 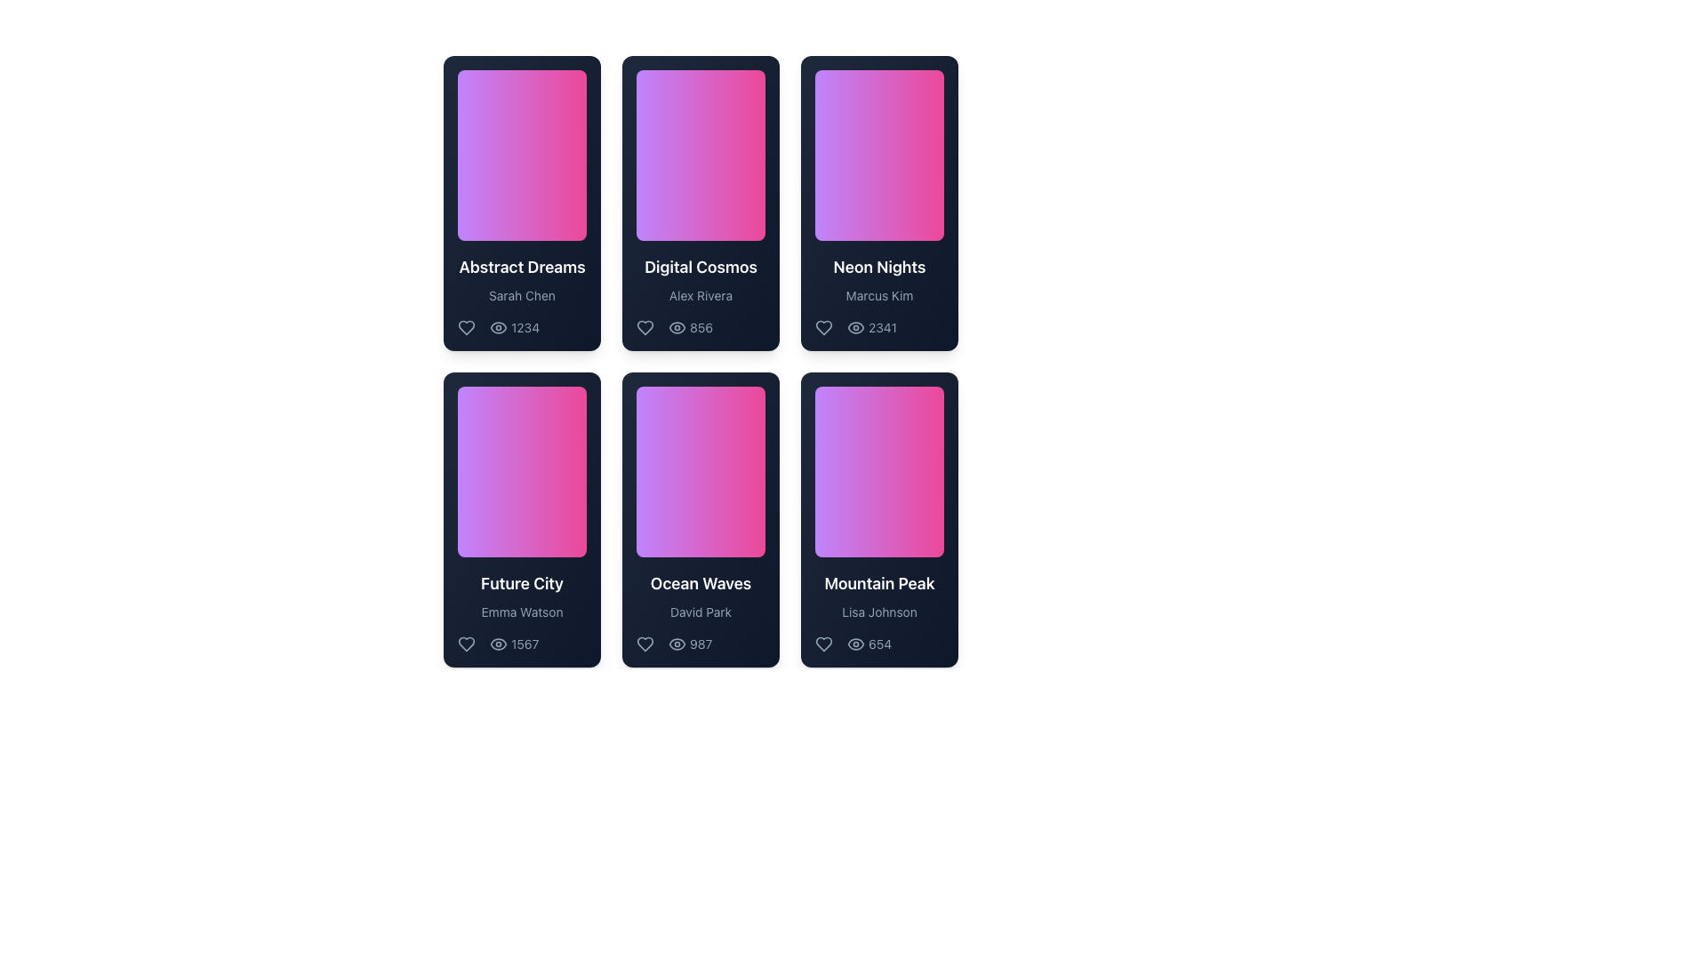 I want to click on the eye icon, which is a grayish-white circular iris encased in an oval shape, located to the left of the number '1567' in the 'Future City' card section, so click(x=498, y=644).